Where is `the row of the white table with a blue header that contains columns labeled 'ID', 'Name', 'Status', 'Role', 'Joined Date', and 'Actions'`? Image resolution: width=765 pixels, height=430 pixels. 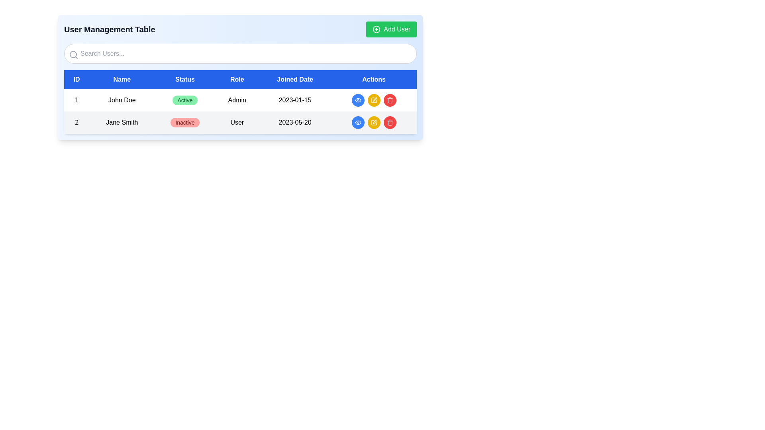
the row of the white table with a blue header that contains columns labeled 'ID', 'Name', 'Status', 'Role', 'Joined Date', and 'Actions' is located at coordinates (240, 101).